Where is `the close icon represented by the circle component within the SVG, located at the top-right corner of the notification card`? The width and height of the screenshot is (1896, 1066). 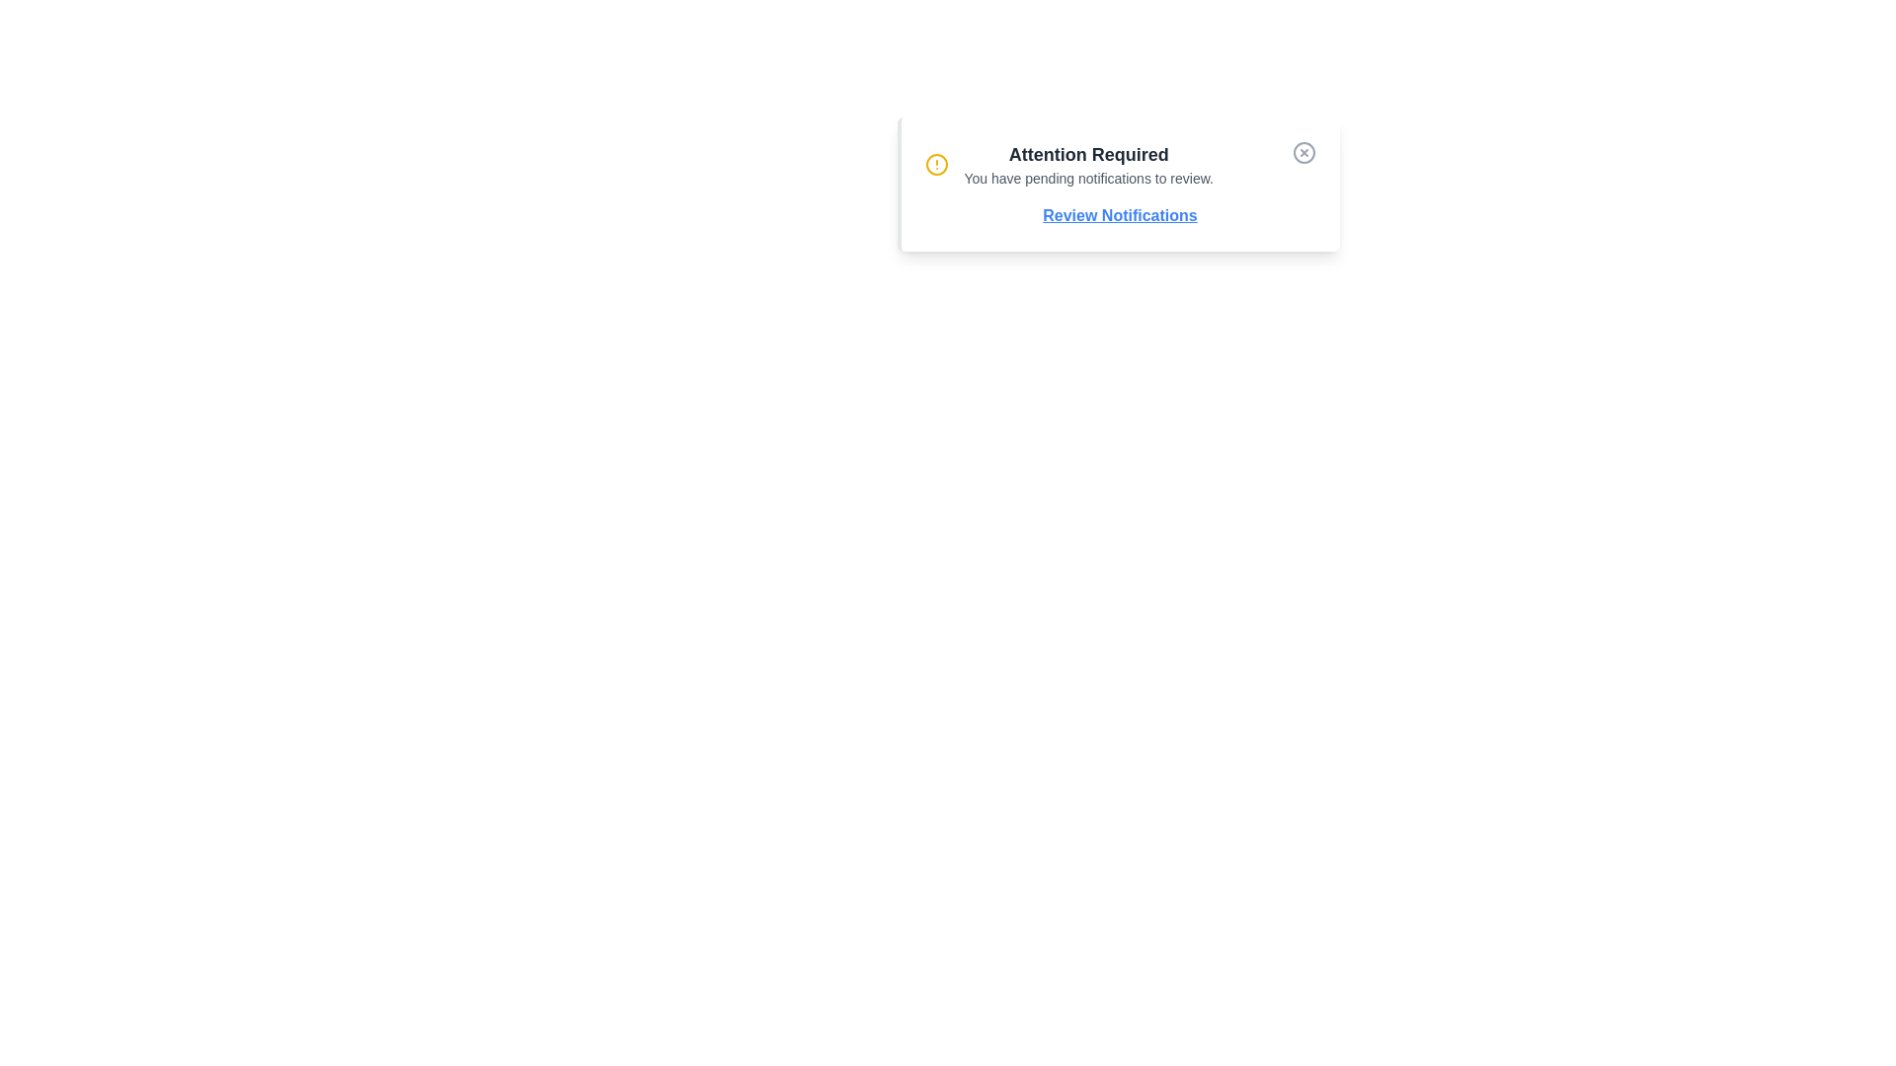 the close icon represented by the circle component within the SVG, located at the top-right corner of the notification card is located at coordinates (1303, 151).